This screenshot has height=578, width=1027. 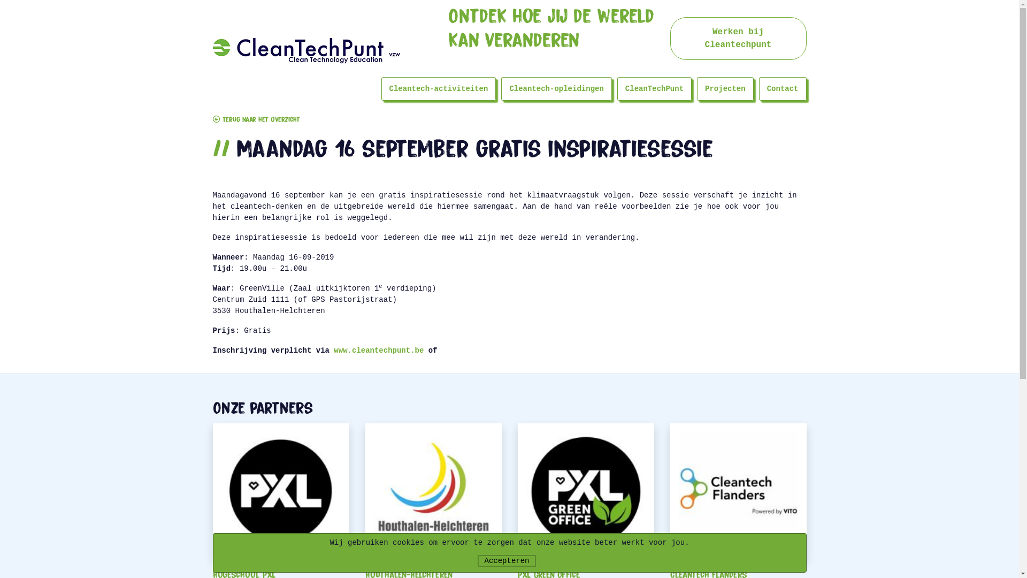 What do you see at coordinates (256, 120) in the screenshot?
I see `'Terug naar het overzicht'` at bounding box center [256, 120].